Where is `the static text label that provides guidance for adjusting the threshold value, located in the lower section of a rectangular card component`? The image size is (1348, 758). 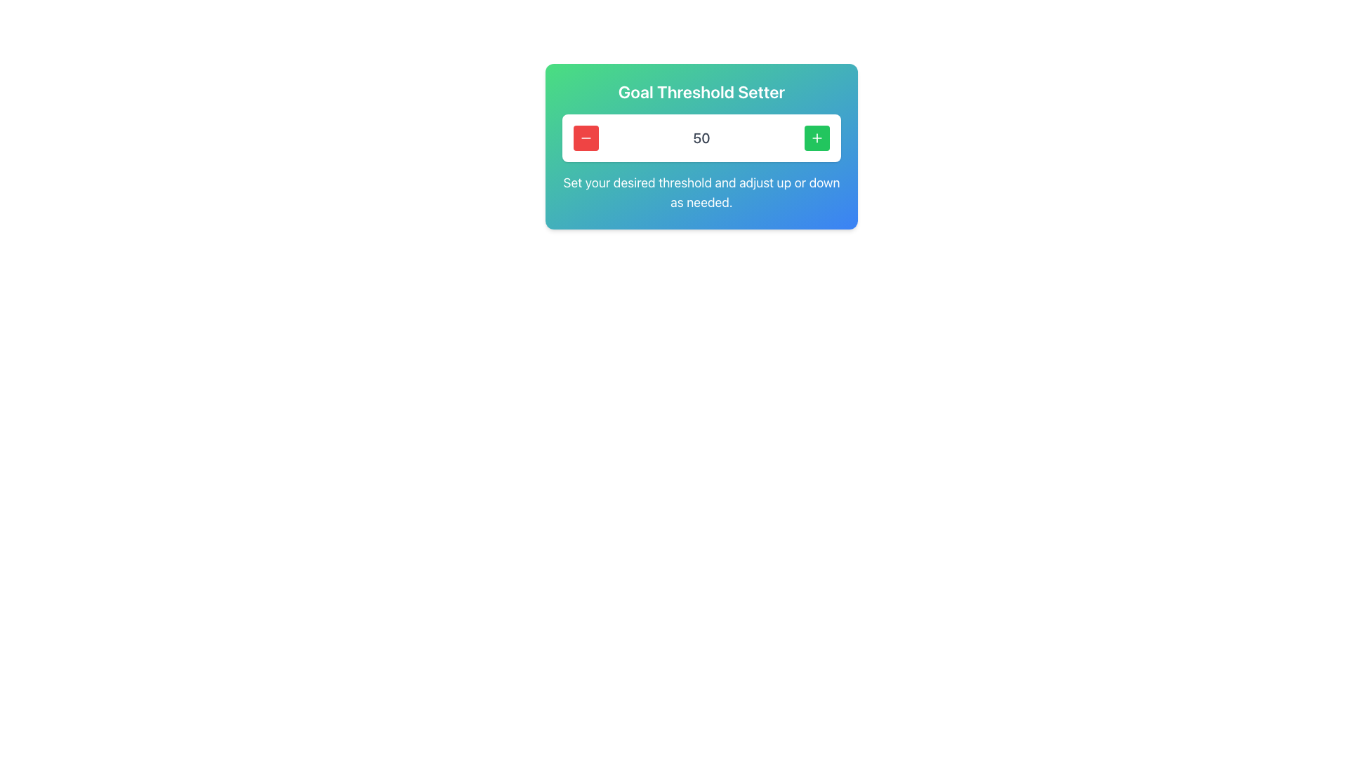
the static text label that provides guidance for adjusting the threshold value, located in the lower section of a rectangular card component is located at coordinates (701, 192).